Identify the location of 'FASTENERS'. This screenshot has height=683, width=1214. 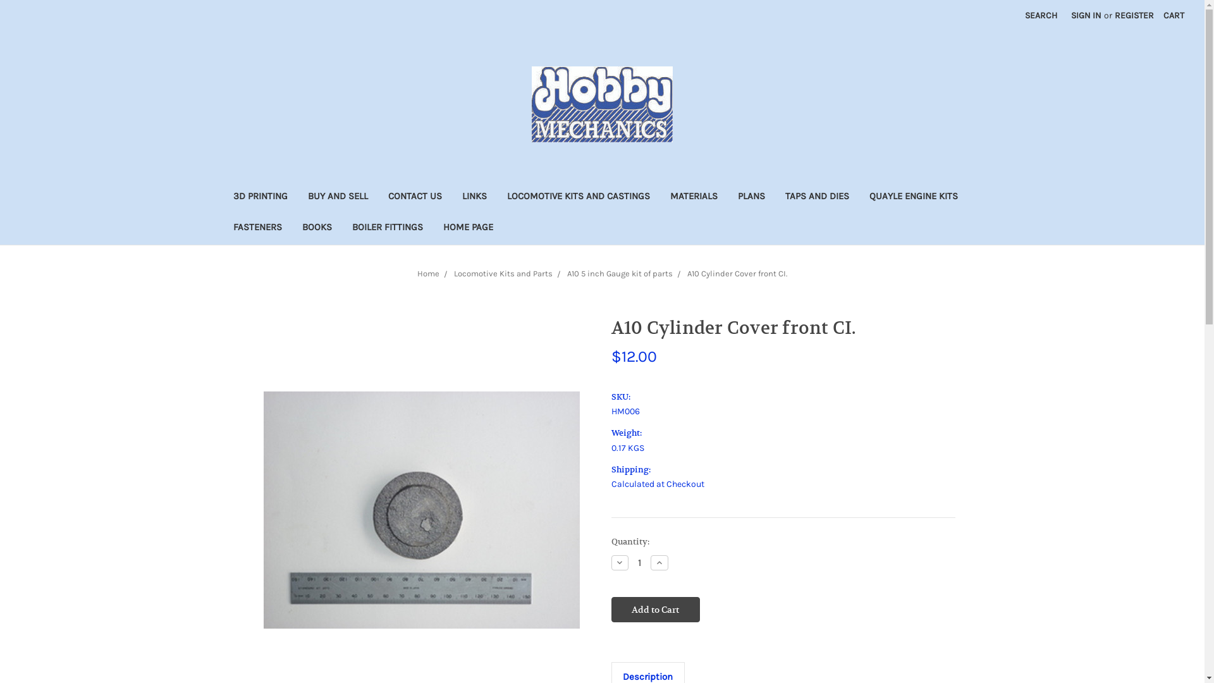
(256, 228).